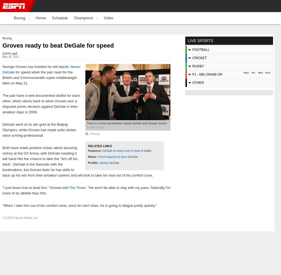  Describe the element at coordinates (40, 18) in the screenshot. I see `'Home'` at that location.